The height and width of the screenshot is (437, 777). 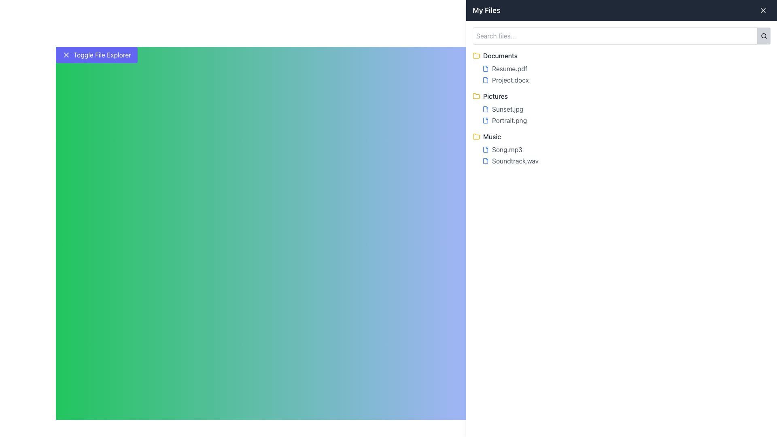 I want to click on the file entry labeled 'Sunset.jpg' in the 'Pictures' folder, so click(x=626, y=109).